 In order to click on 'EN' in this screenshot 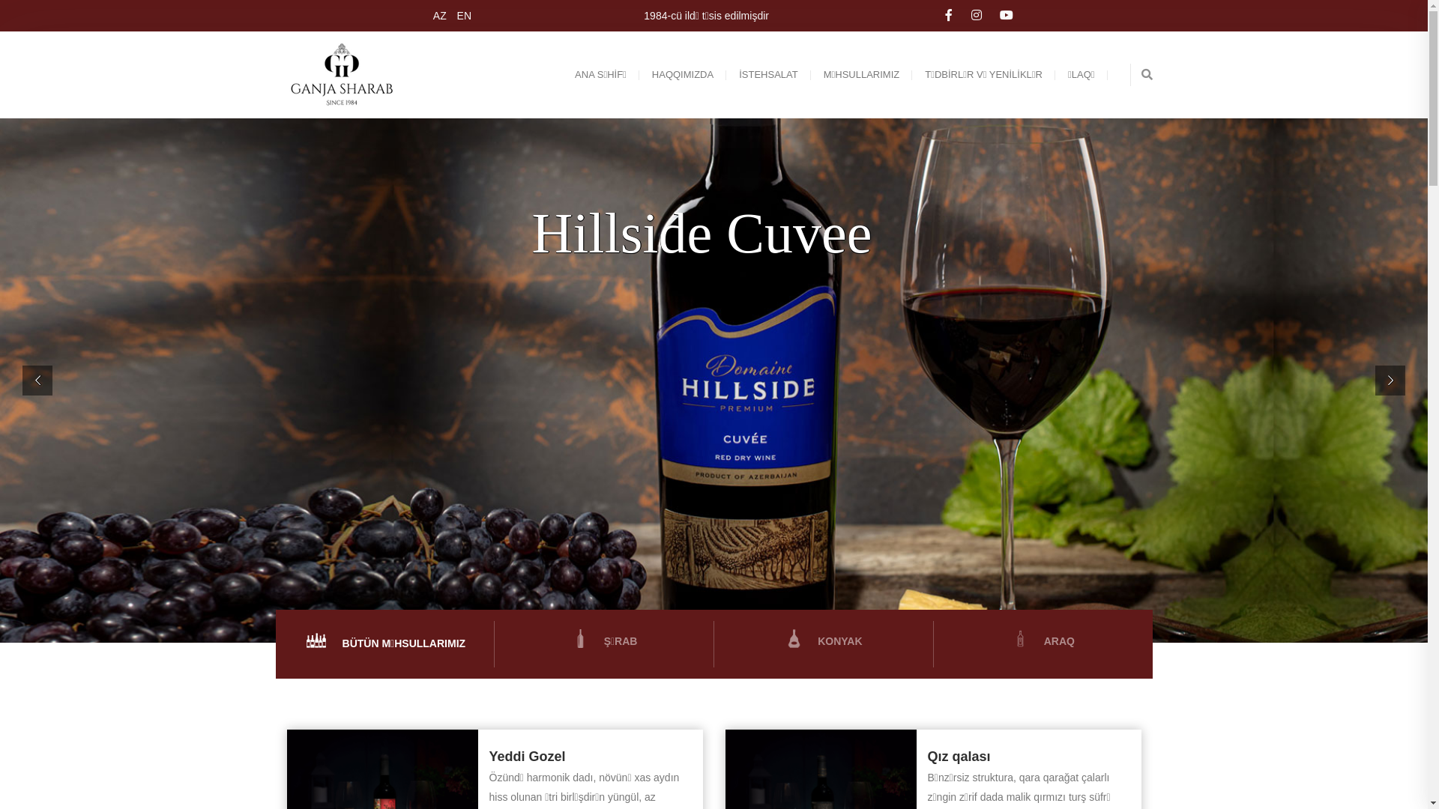, I will do `click(459, 15)`.